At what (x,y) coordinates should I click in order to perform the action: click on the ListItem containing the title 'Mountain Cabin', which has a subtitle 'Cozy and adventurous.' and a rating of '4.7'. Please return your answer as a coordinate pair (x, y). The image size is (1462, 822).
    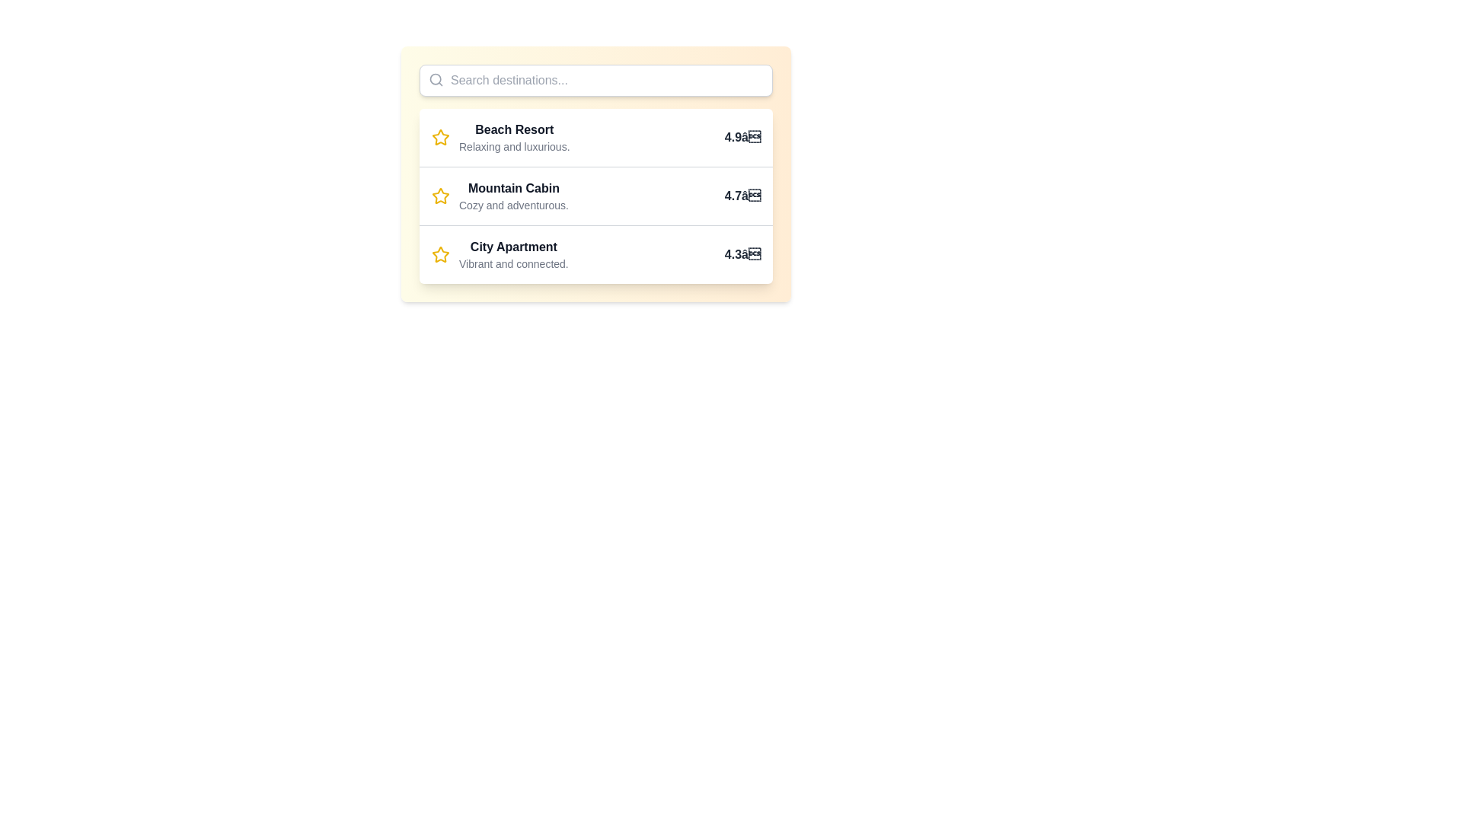
    Looking at the image, I should click on (595, 195).